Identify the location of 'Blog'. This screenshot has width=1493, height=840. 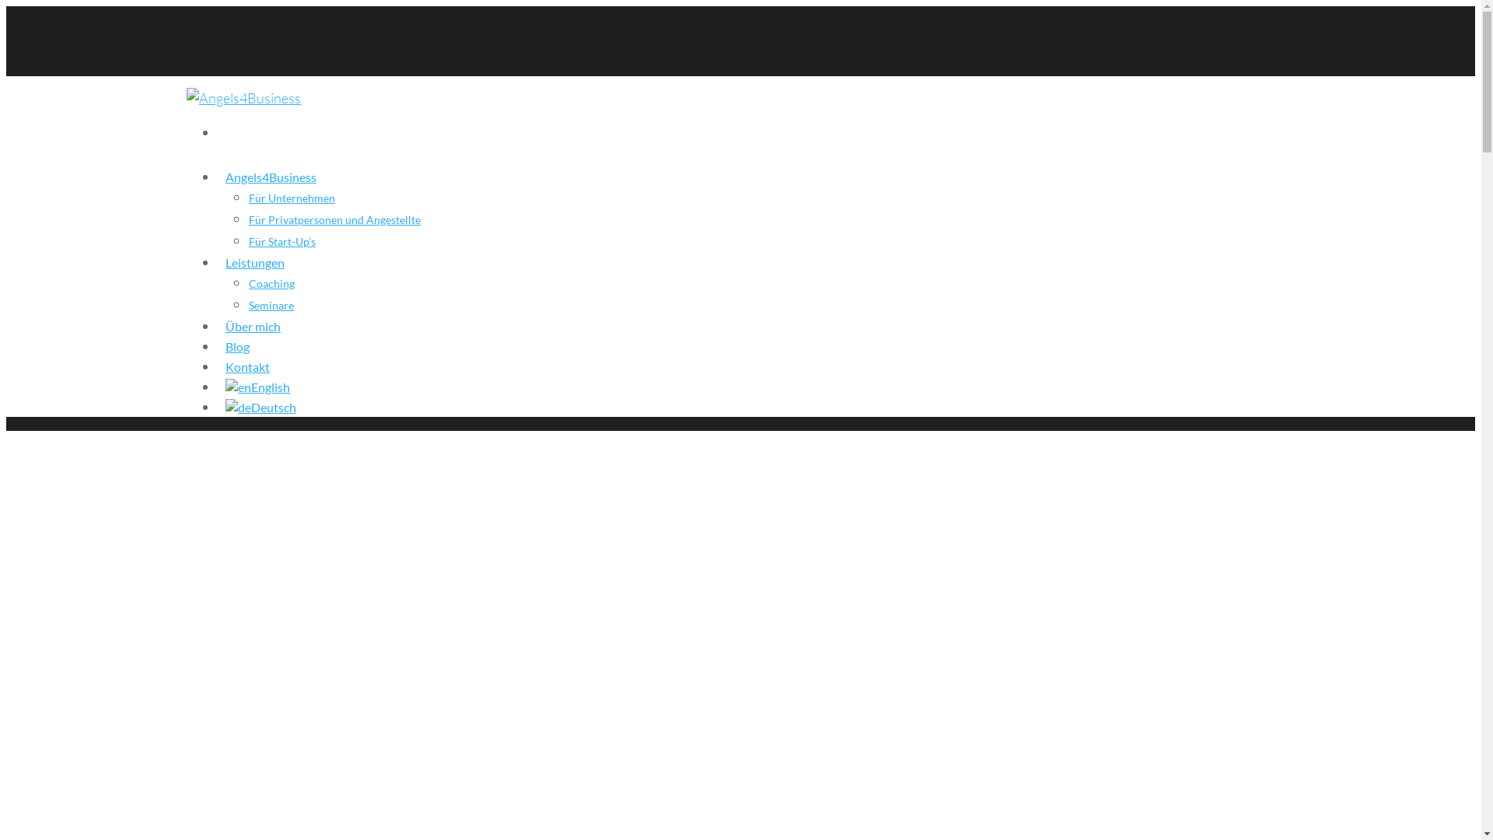
(224, 352).